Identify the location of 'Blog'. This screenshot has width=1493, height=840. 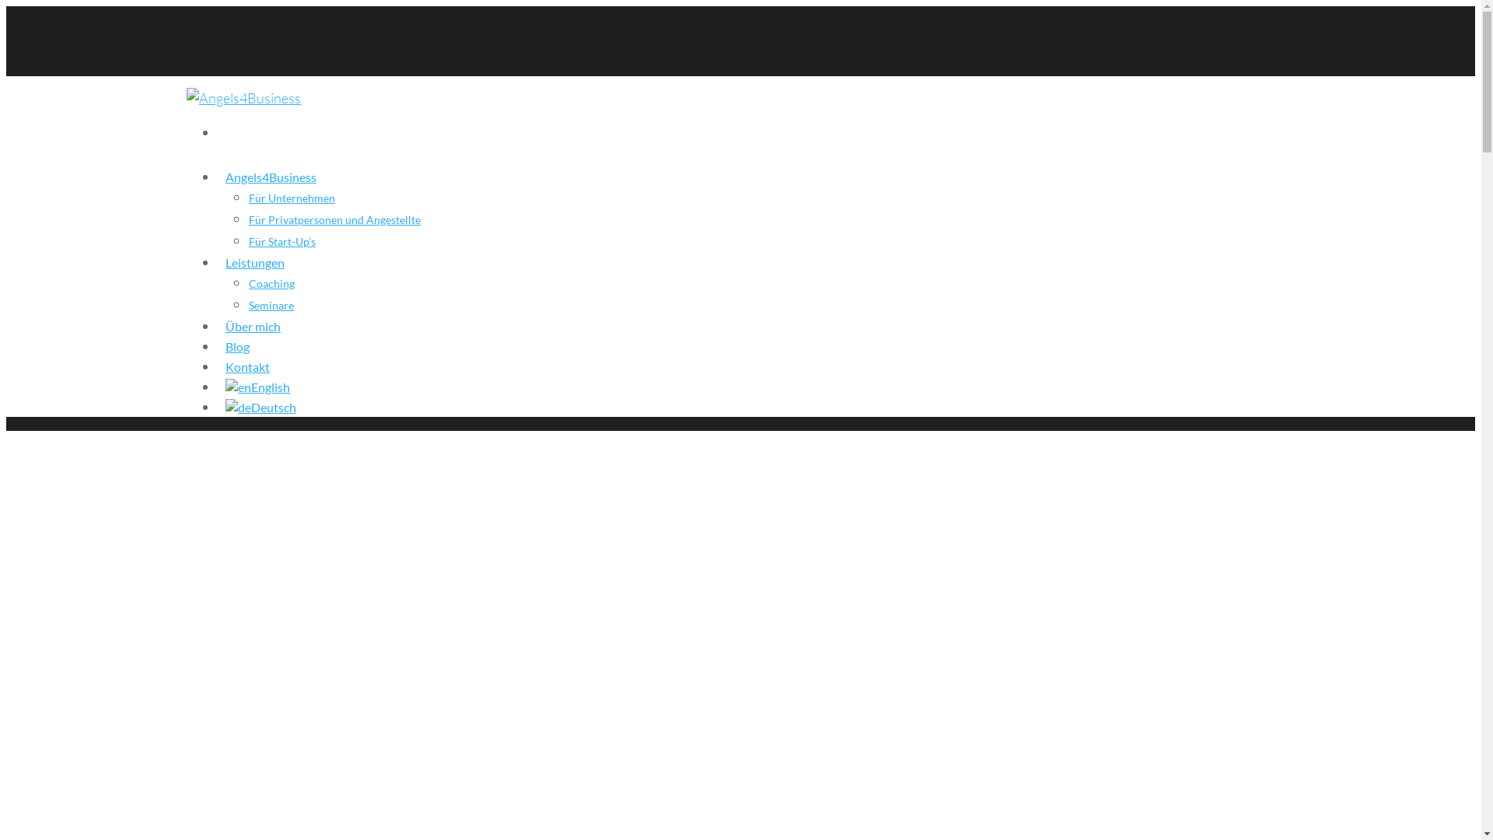
(224, 352).